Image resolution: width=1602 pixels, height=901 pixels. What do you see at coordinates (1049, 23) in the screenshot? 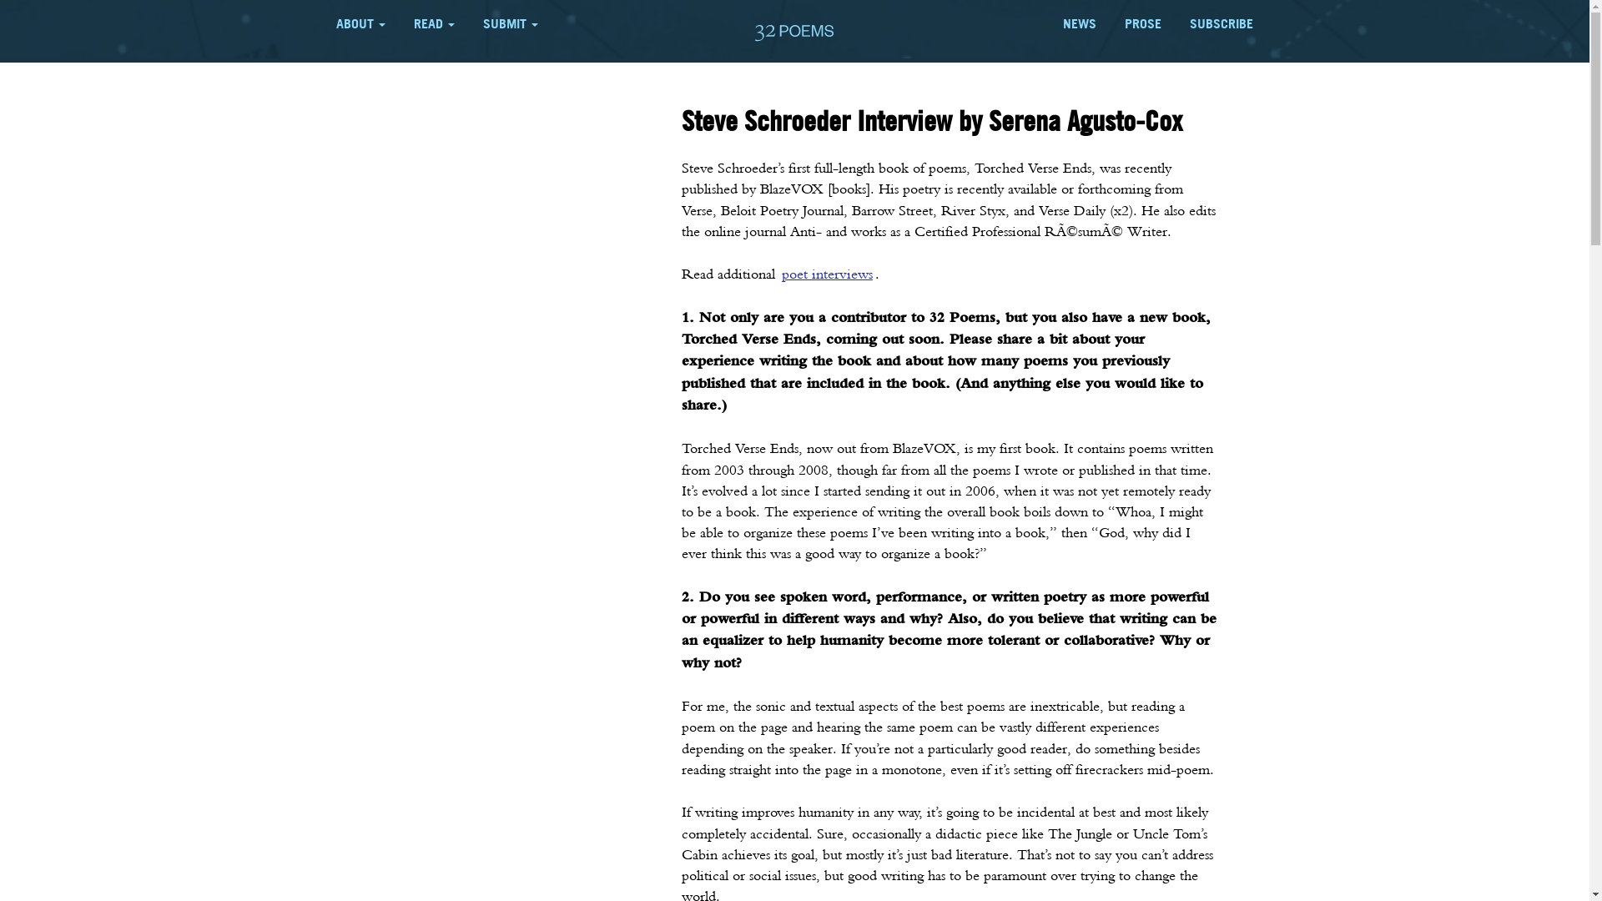
I see `'NEWS'` at bounding box center [1049, 23].